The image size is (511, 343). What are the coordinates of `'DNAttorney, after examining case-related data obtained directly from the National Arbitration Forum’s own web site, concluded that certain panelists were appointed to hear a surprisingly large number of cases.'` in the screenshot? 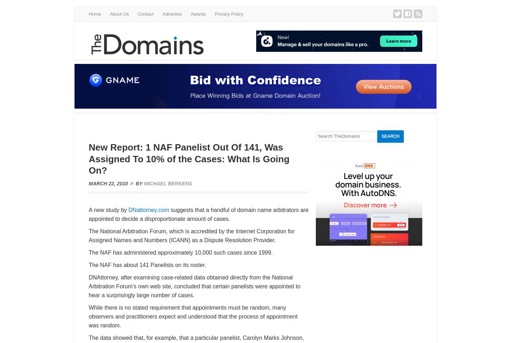 It's located at (194, 286).